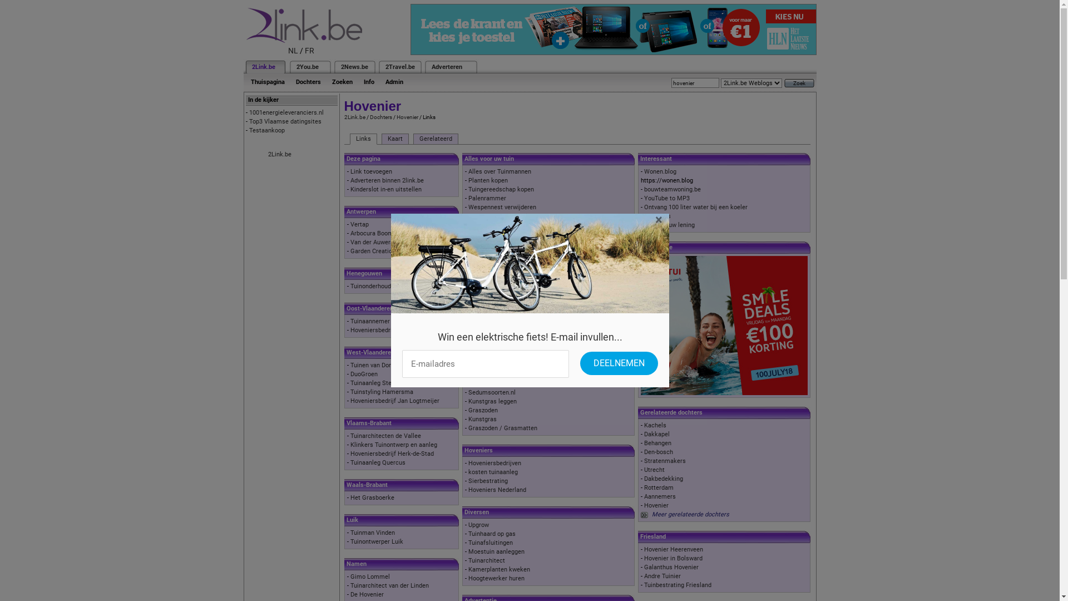  What do you see at coordinates (468, 560) in the screenshot?
I see `'Tuinarchitect'` at bounding box center [468, 560].